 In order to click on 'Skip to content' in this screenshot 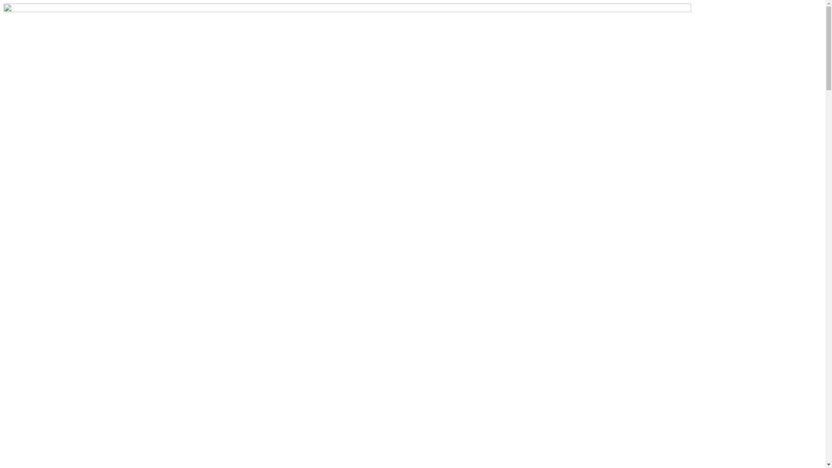, I will do `click(3, 3)`.